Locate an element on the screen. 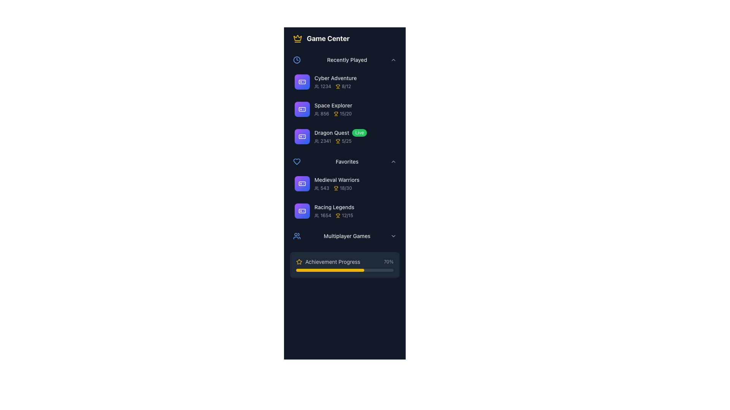 This screenshot has height=410, width=730. the achievement display for the 'Racing Legends' game, which shows a yellow trophy icon and the text '12/15' is located at coordinates (344, 215).